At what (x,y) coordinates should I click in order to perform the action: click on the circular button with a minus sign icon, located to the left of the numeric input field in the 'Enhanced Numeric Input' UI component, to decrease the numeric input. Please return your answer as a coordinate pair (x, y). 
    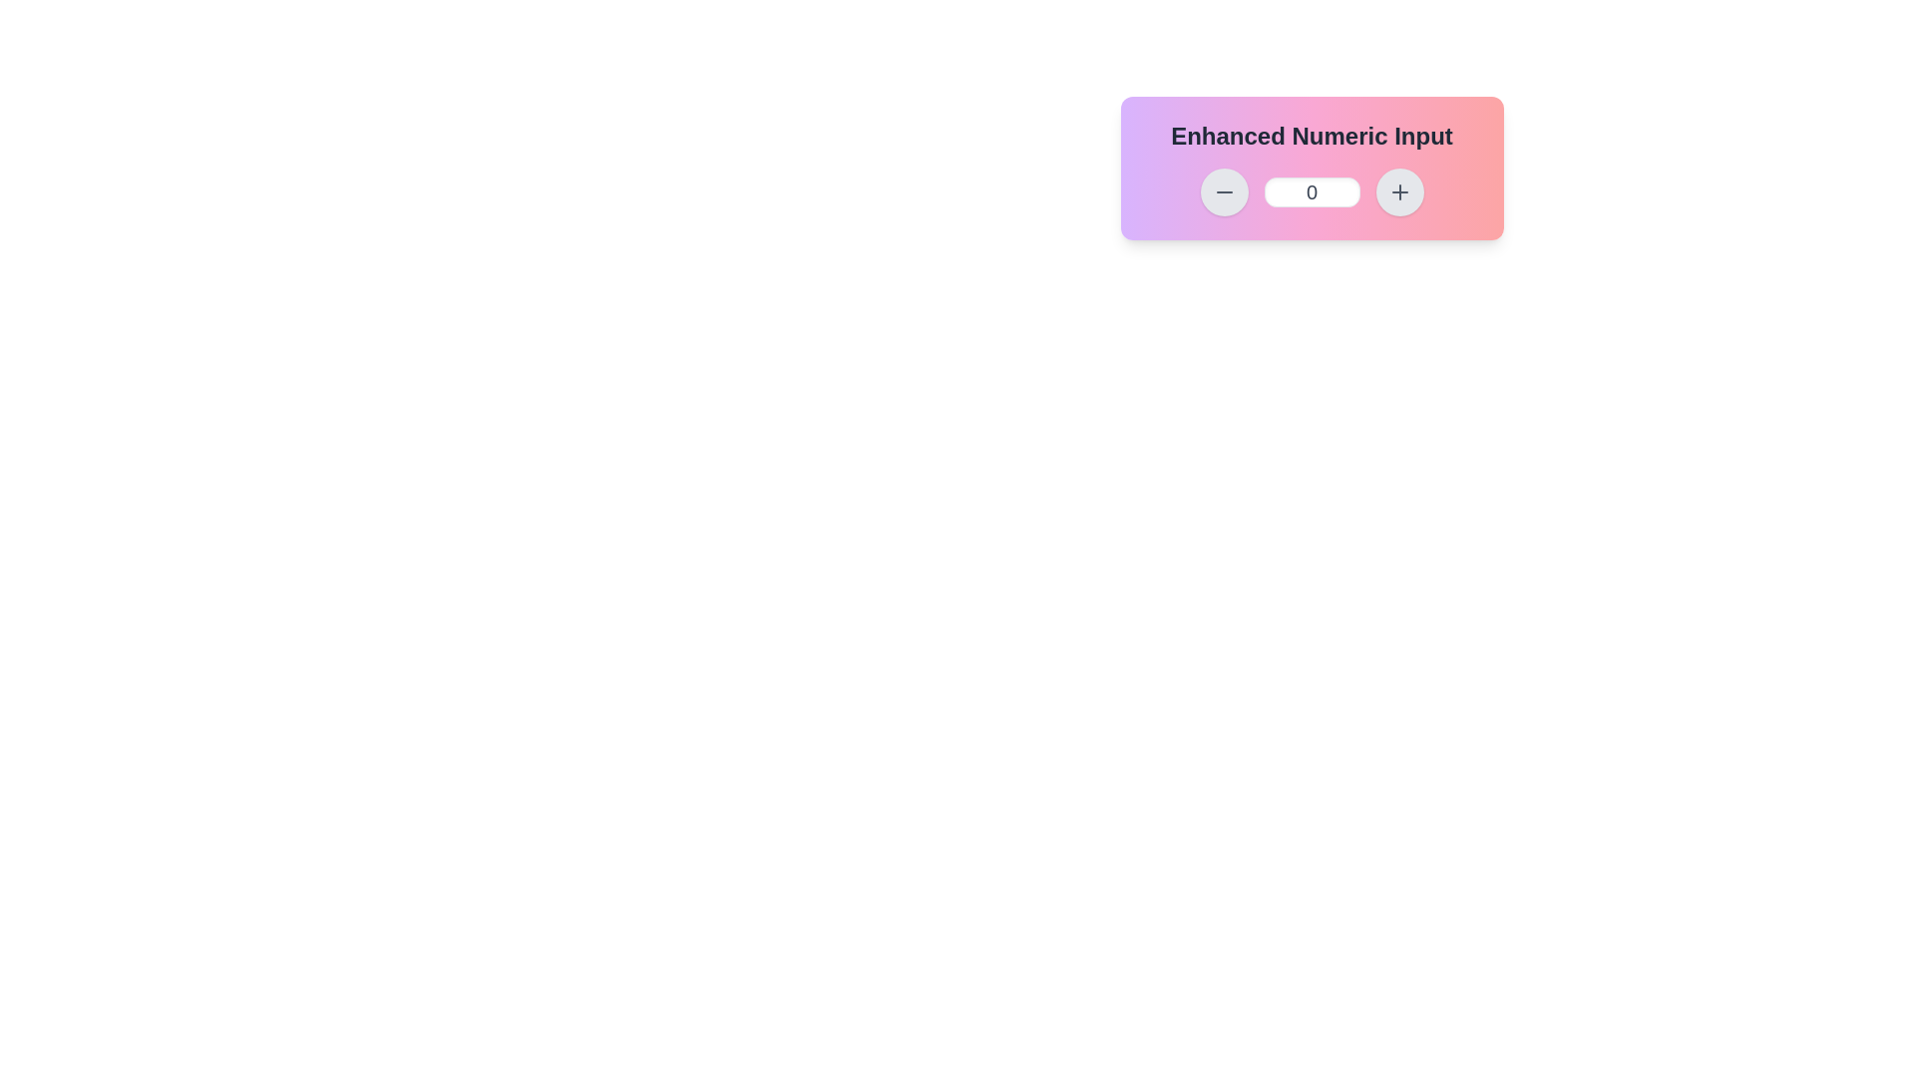
    Looking at the image, I should click on (1223, 191).